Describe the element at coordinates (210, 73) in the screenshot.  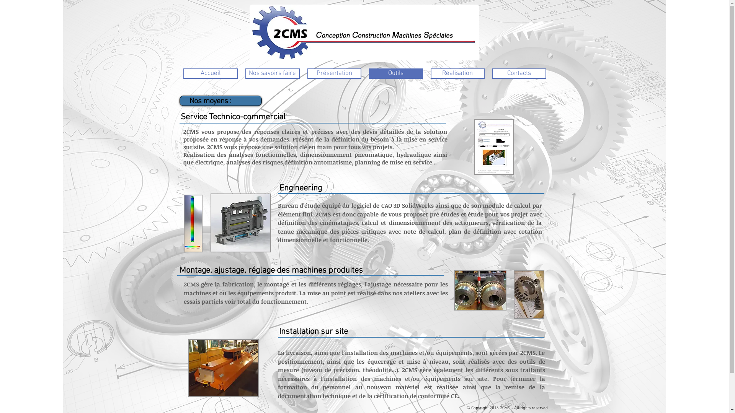
I see `'Accueil'` at that location.